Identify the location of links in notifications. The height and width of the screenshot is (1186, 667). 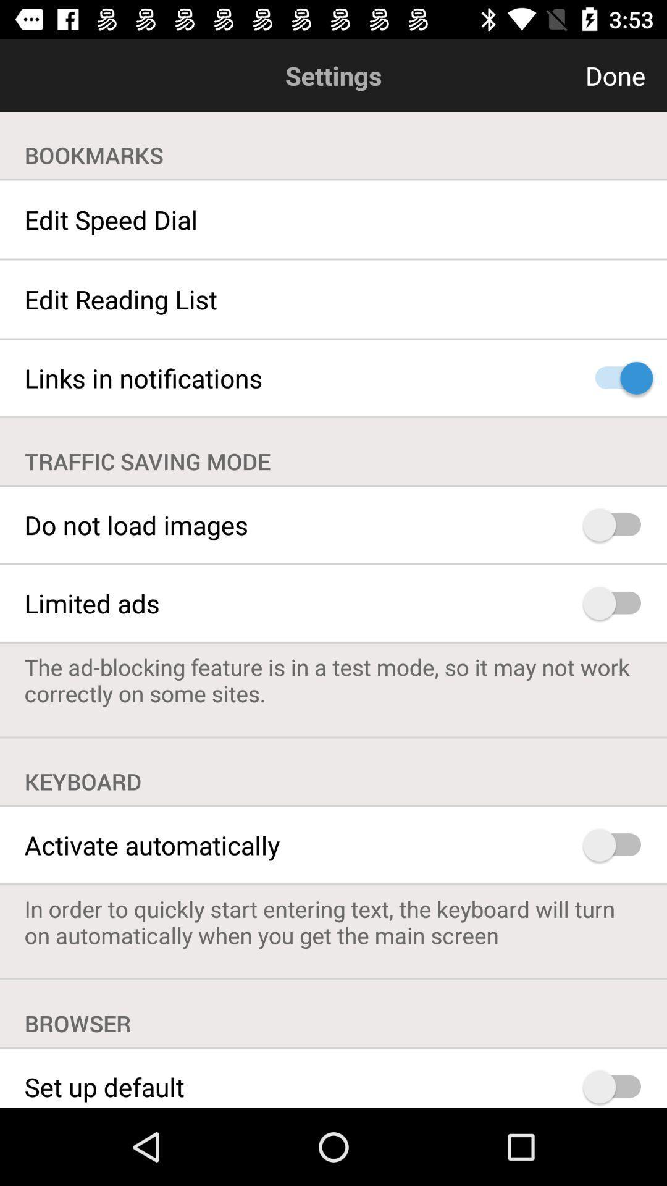
(618, 377).